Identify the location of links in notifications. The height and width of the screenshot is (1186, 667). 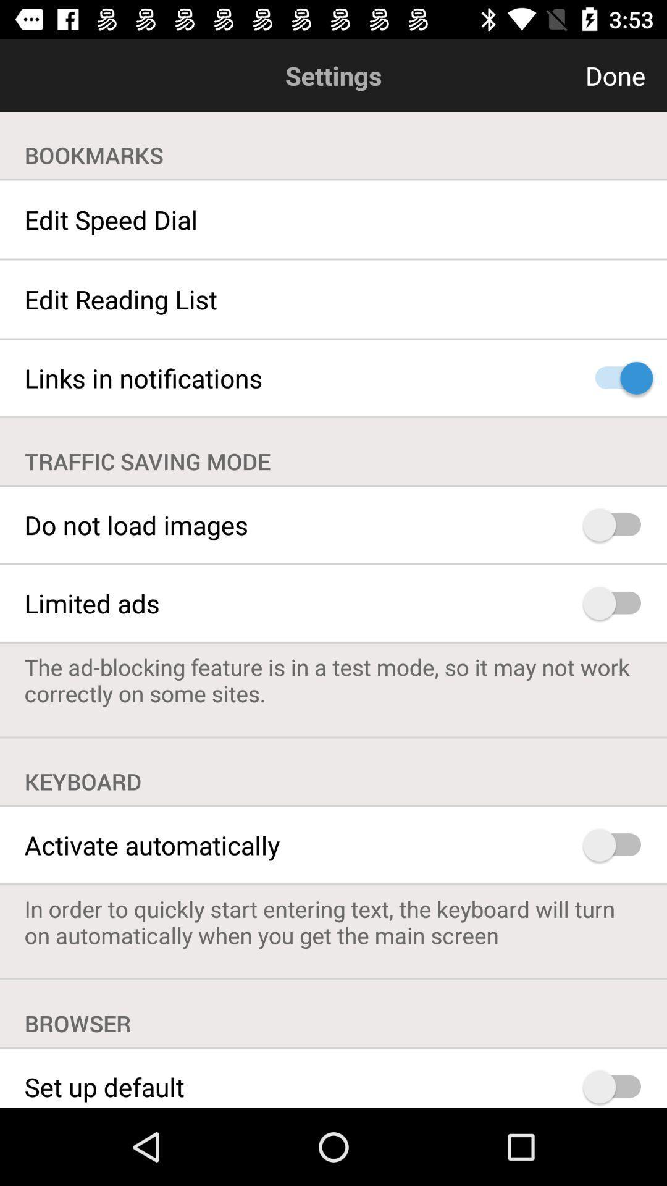
(618, 377).